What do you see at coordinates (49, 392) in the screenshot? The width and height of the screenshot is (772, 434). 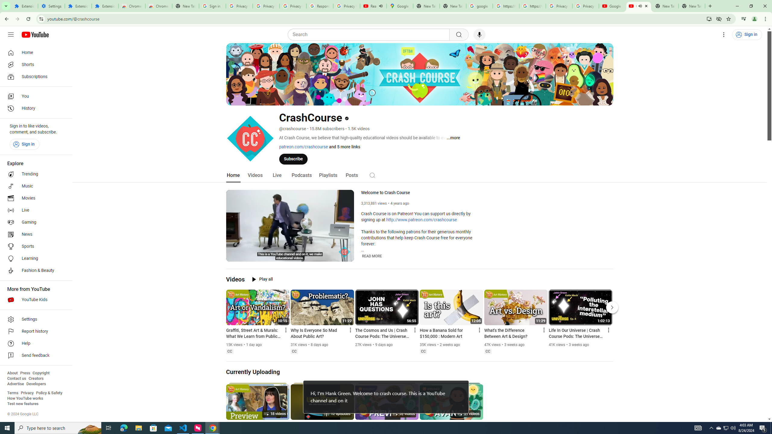 I see `'Policy & Safety'` at bounding box center [49, 392].